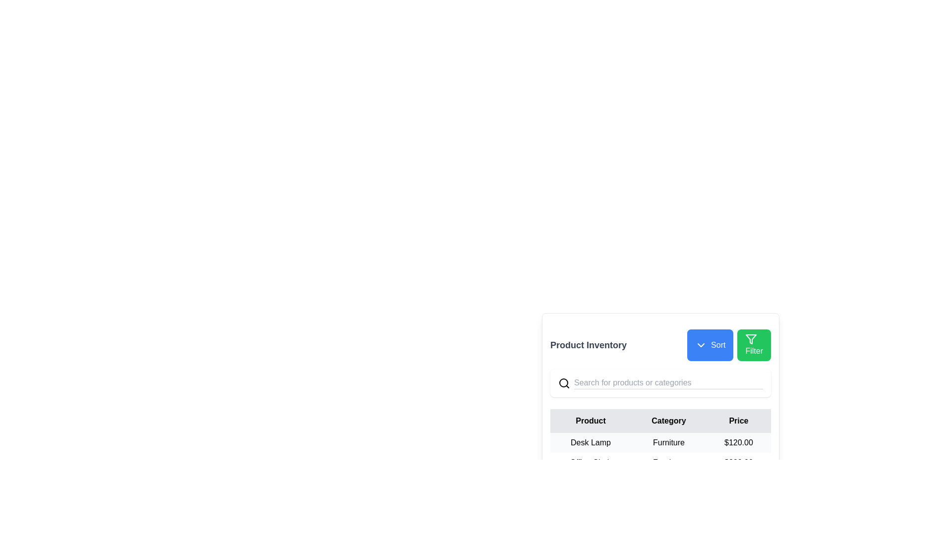  What do you see at coordinates (710, 345) in the screenshot?
I see `the sorting button located in the top-right portion of the interface, adjacent to the green 'Filter' button, to observe any hover effects` at bounding box center [710, 345].